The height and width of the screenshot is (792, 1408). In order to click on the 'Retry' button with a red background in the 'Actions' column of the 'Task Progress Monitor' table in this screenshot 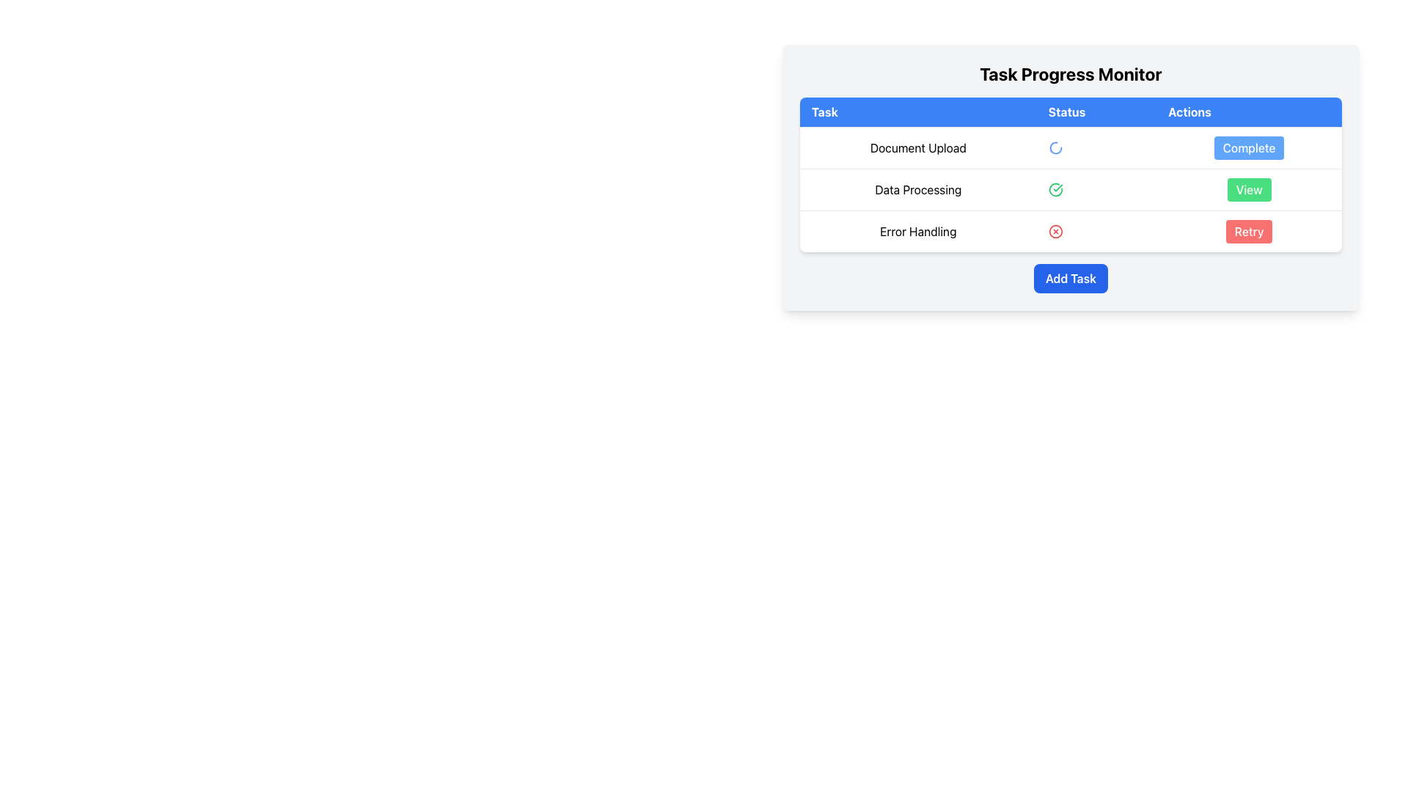, I will do `click(1248, 231)`.